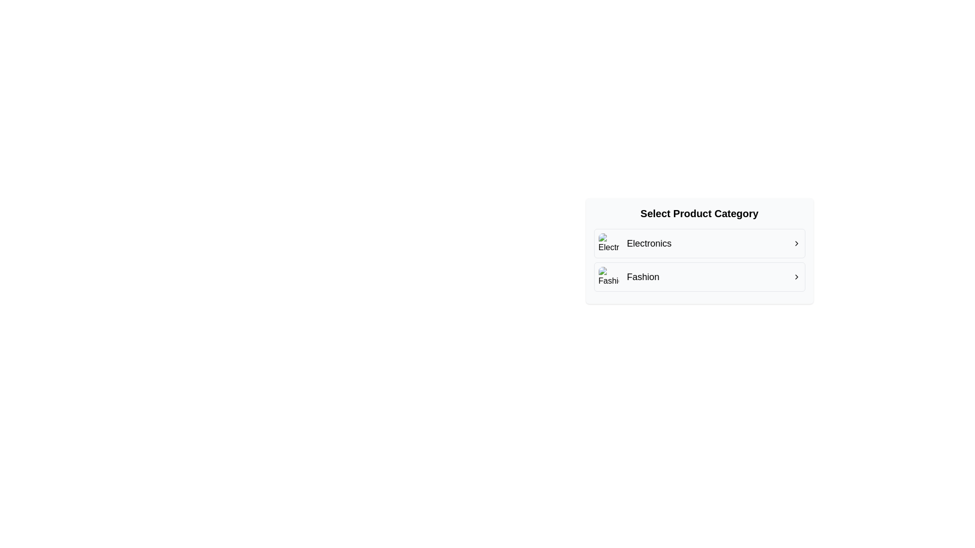  What do you see at coordinates (699, 243) in the screenshot?
I see `the first selectable category in the product selection menu labeled 'Electronics'` at bounding box center [699, 243].